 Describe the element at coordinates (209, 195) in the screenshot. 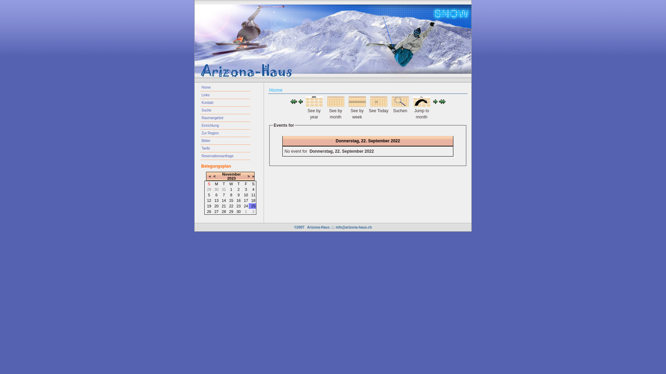

I see `'5'` at that location.